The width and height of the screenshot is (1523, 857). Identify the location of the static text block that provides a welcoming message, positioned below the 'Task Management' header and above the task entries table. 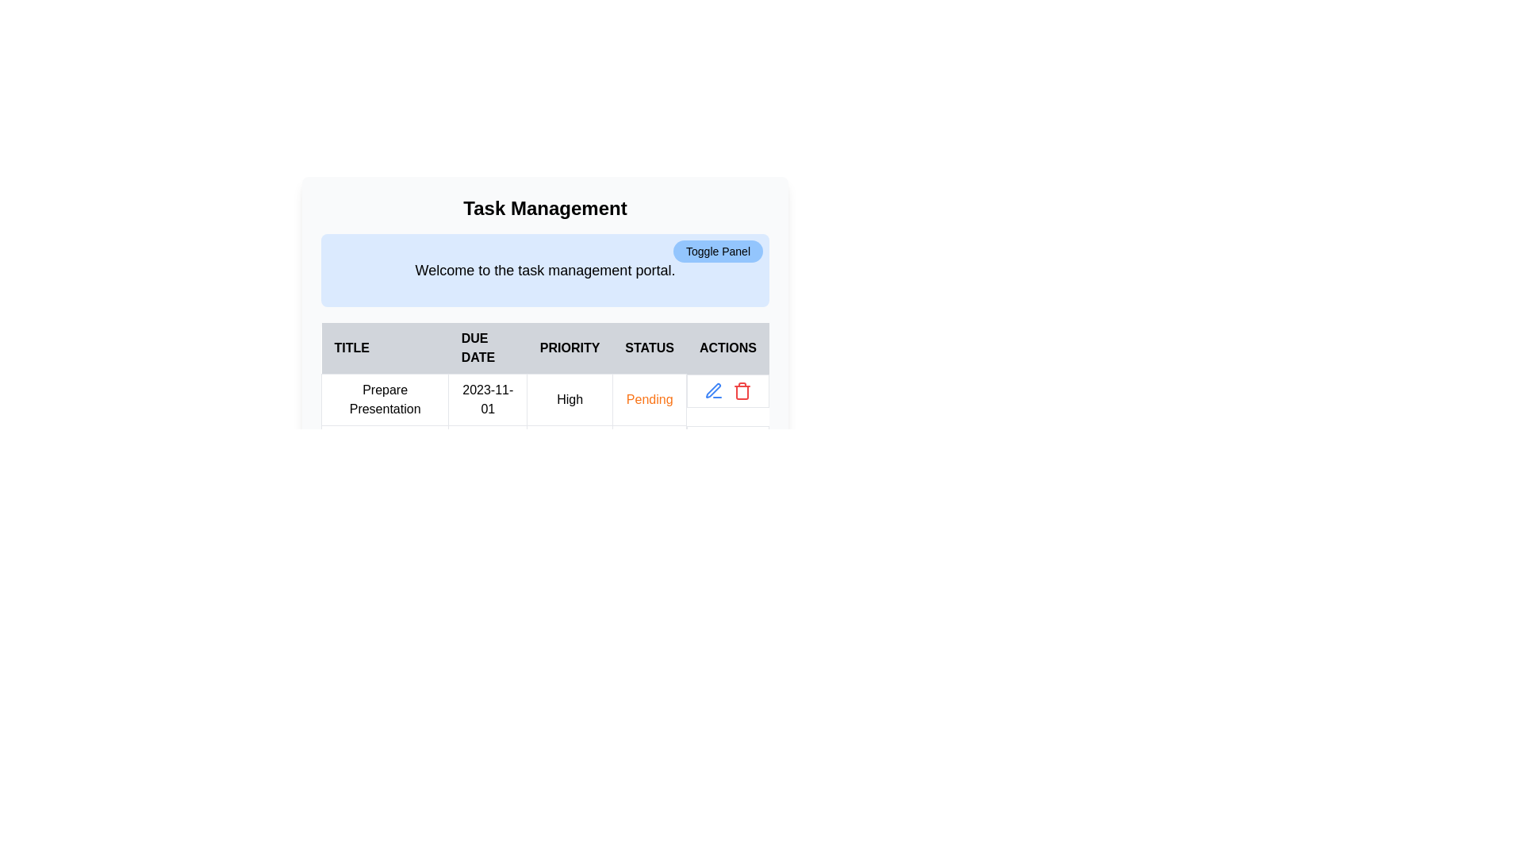
(545, 269).